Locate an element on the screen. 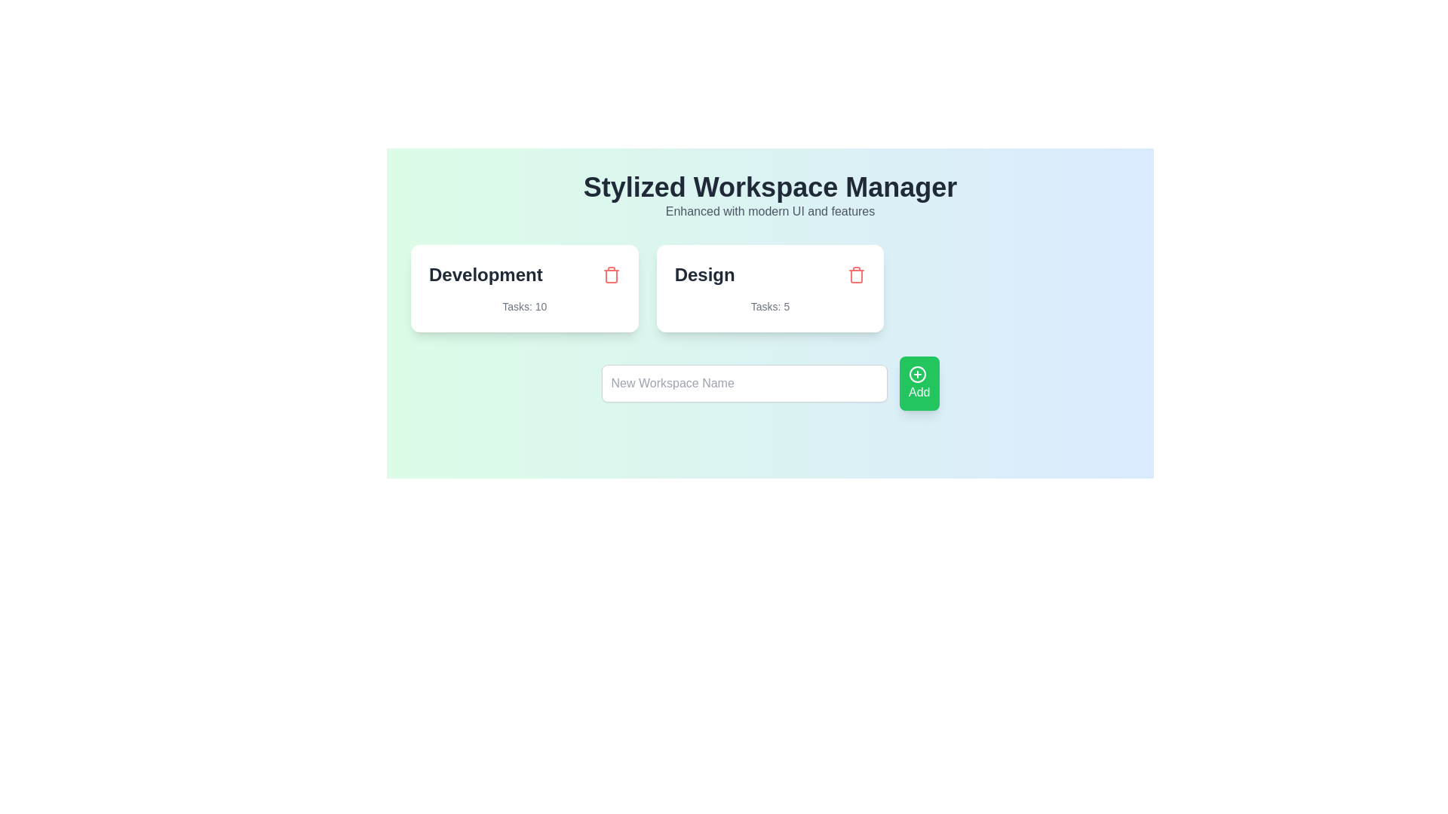 This screenshot has height=814, width=1448. the bold, large title text labeled 'Development', which is prominently displayed in dark gray on a light background within the left card section of a two-card layout is located at coordinates (486, 275).